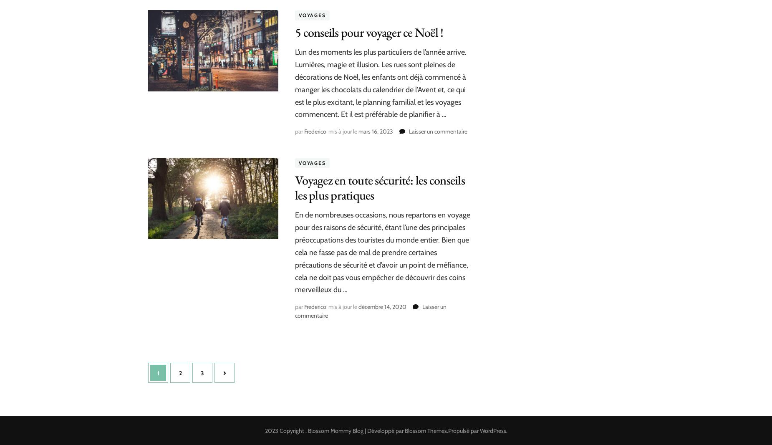  What do you see at coordinates (383, 252) in the screenshot?
I see `'En de nombreuses occasions, nous repartons en voyage pour des raisons de sécurité, étant l’une des principales préoccupations des touristes du monde entier. Bien que cela ne fasse pas de mal de prendre certaines précautions de sécurité et d’avoir un point de méfiance, cela ne doit pas vous empêcher de découvrir des coins merveilleux du …'` at bounding box center [383, 252].